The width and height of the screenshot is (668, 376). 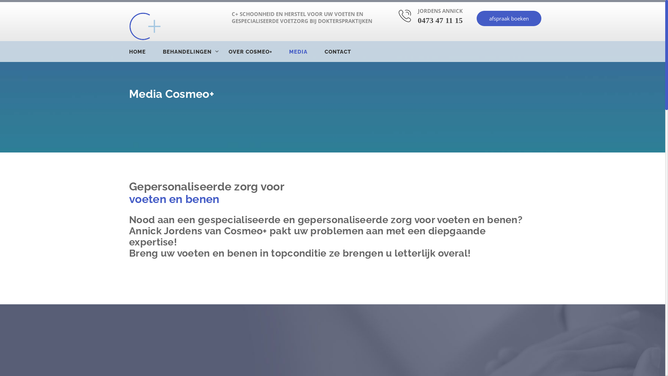 What do you see at coordinates (306, 52) in the screenshot?
I see `'MEDIA'` at bounding box center [306, 52].